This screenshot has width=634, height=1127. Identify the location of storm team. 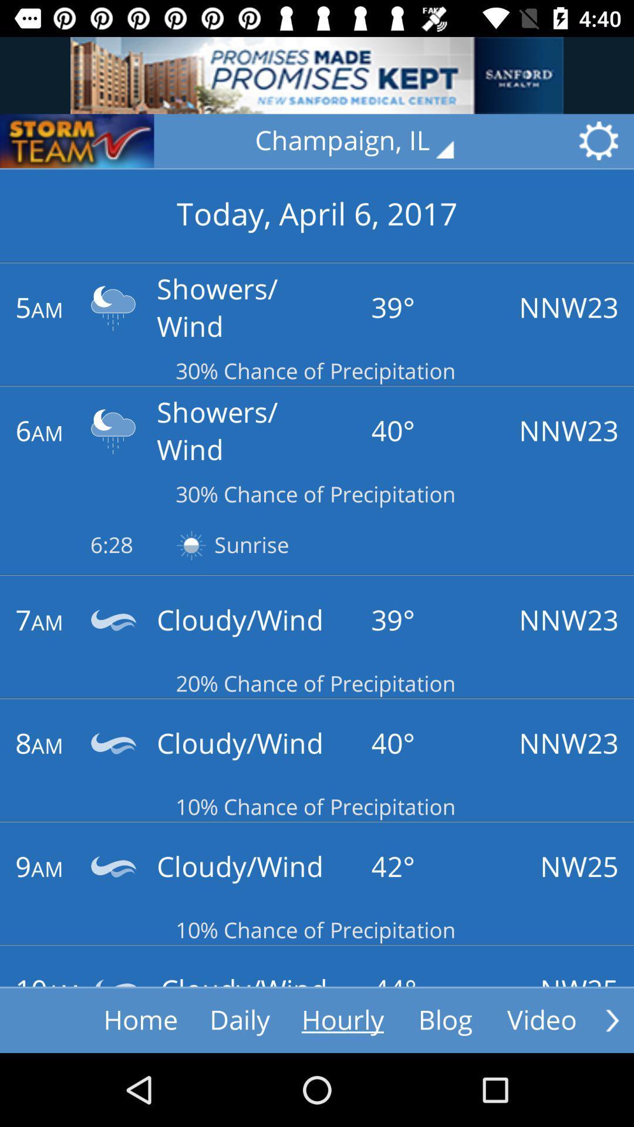
(77, 141).